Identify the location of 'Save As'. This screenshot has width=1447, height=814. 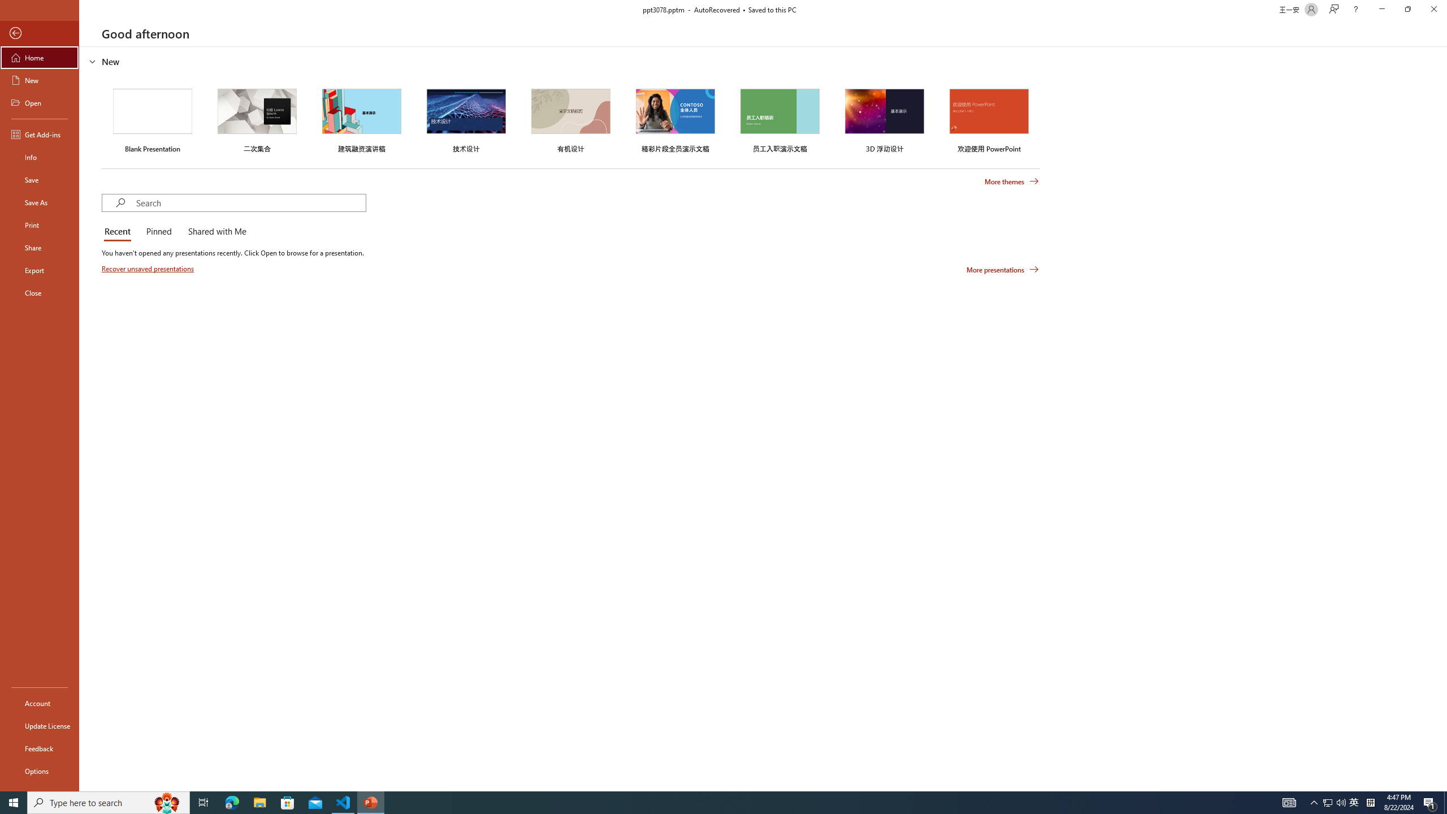
(39, 201).